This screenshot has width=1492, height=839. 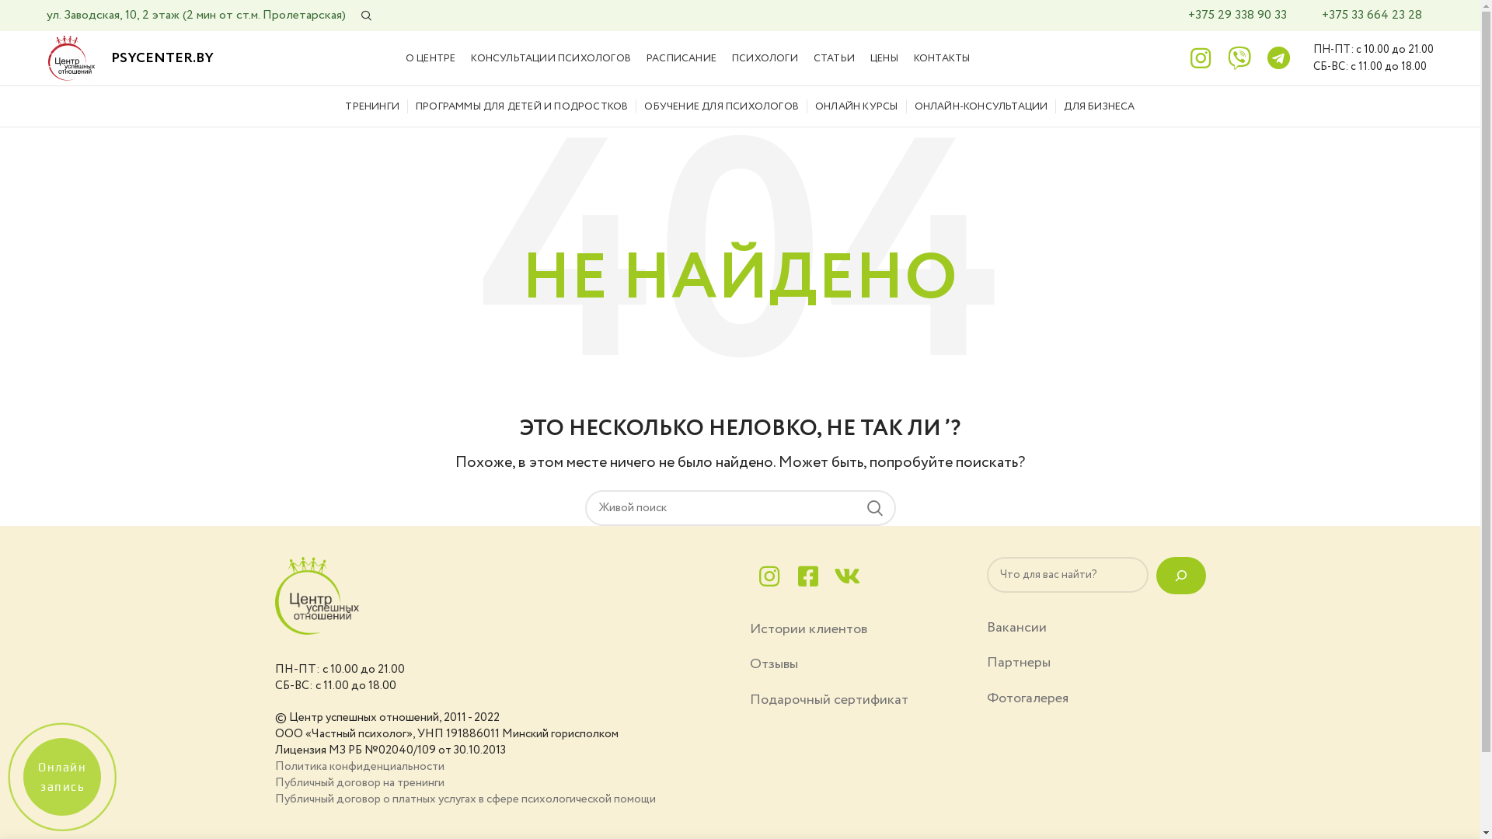 What do you see at coordinates (1278, 57) in the screenshot?
I see `'telegram'` at bounding box center [1278, 57].